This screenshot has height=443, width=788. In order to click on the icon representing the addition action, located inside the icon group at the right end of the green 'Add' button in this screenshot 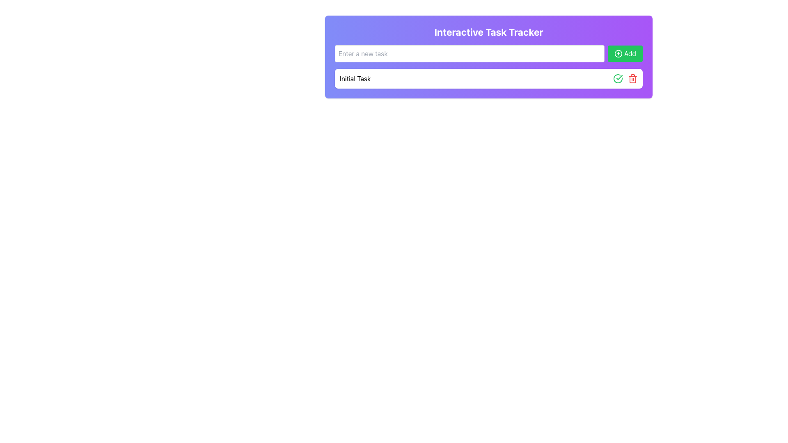, I will do `click(618, 54)`.